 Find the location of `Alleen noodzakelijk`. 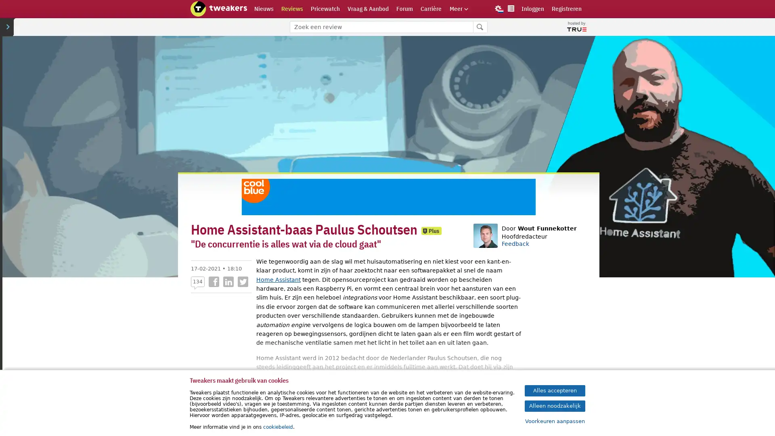

Alleen noodzakelijk is located at coordinates (554, 406).